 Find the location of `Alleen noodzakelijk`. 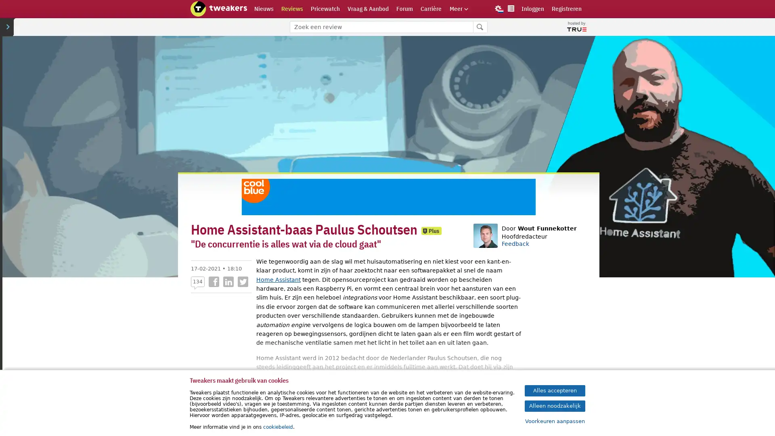

Alleen noodzakelijk is located at coordinates (554, 406).